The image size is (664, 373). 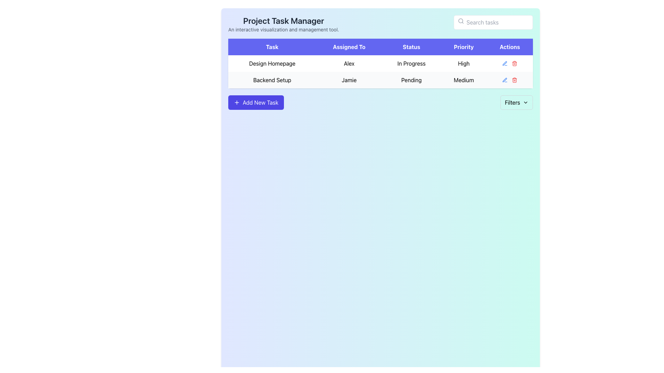 I want to click on the red trash bin icon located in the 'Actions' column of the table, so click(x=515, y=64).